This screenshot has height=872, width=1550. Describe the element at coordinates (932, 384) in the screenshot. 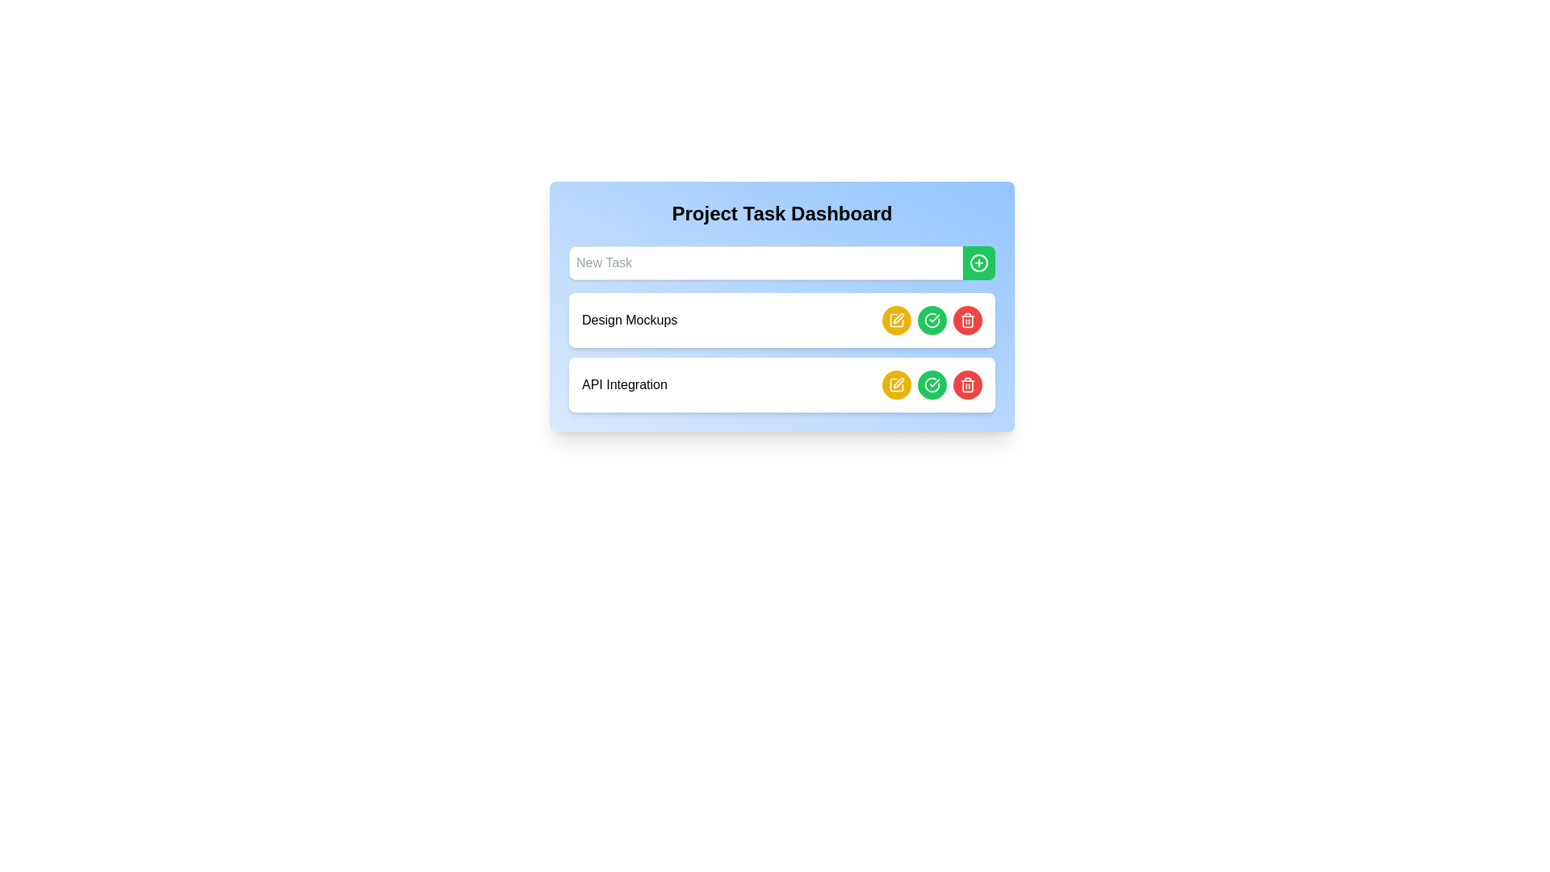

I see `the checkmark icon within the circular green button to confirm completion of the task` at that location.